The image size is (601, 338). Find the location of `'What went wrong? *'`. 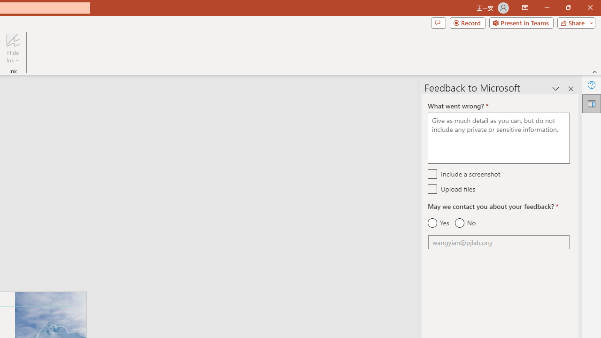

'What went wrong? *' is located at coordinates (498, 138).